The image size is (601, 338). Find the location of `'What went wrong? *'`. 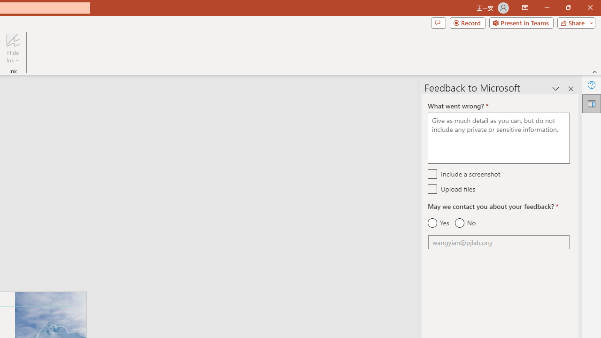

'What went wrong? *' is located at coordinates (498, 138).